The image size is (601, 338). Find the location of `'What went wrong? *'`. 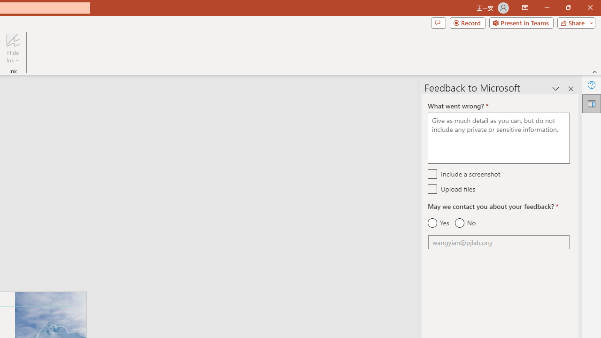

'What went wrong? *' is located at coordinates (498, 138).